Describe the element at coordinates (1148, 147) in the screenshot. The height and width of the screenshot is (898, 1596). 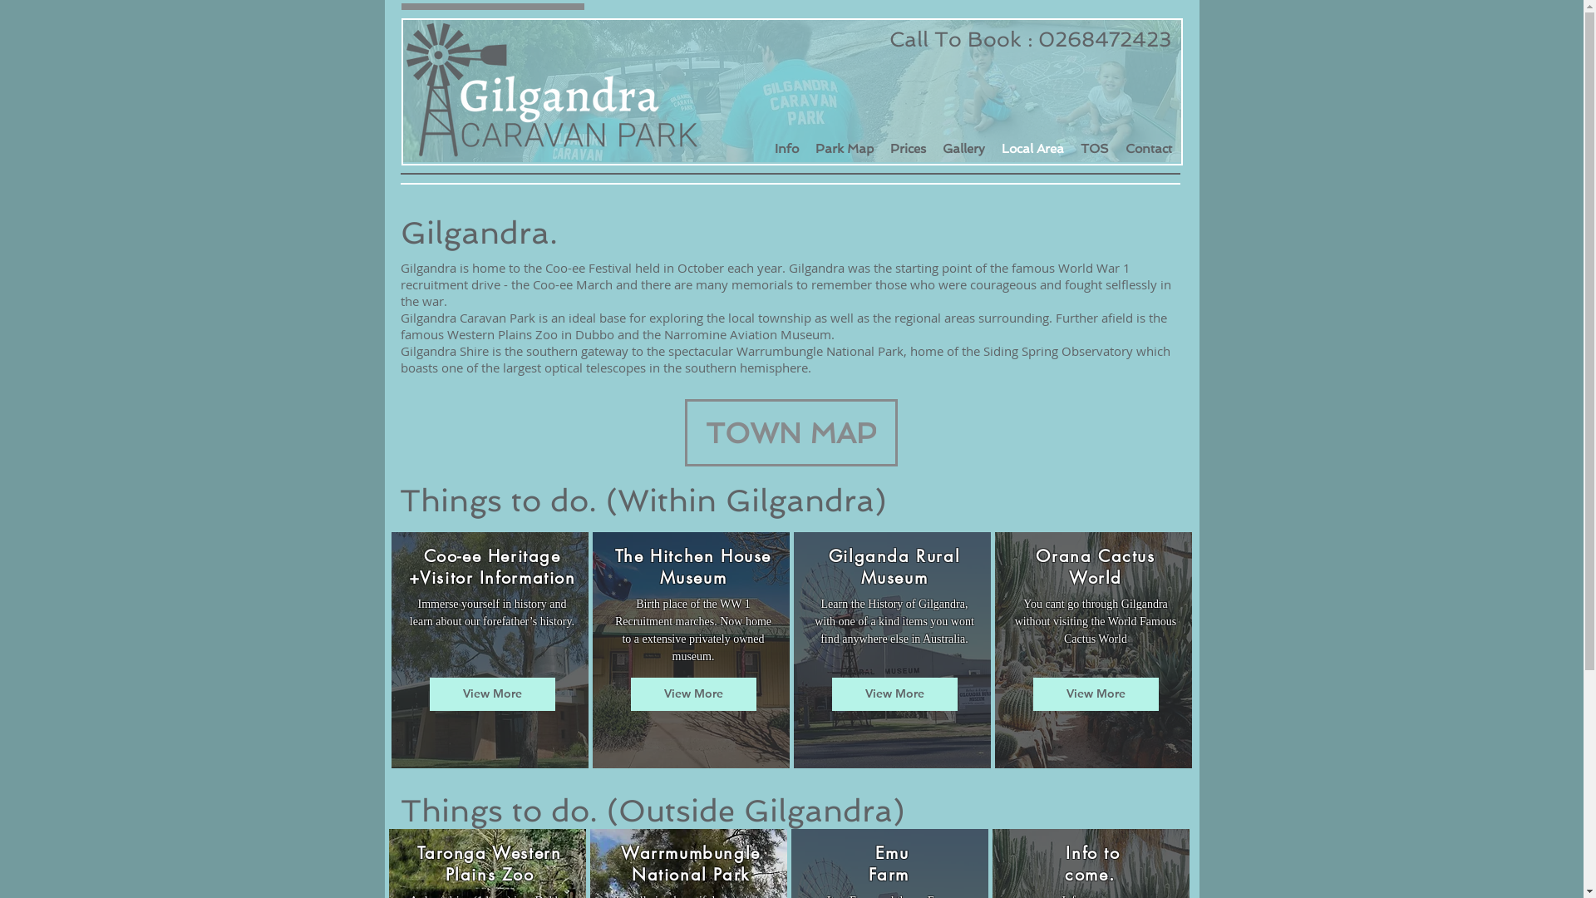
I see `'Contact'` at that location.